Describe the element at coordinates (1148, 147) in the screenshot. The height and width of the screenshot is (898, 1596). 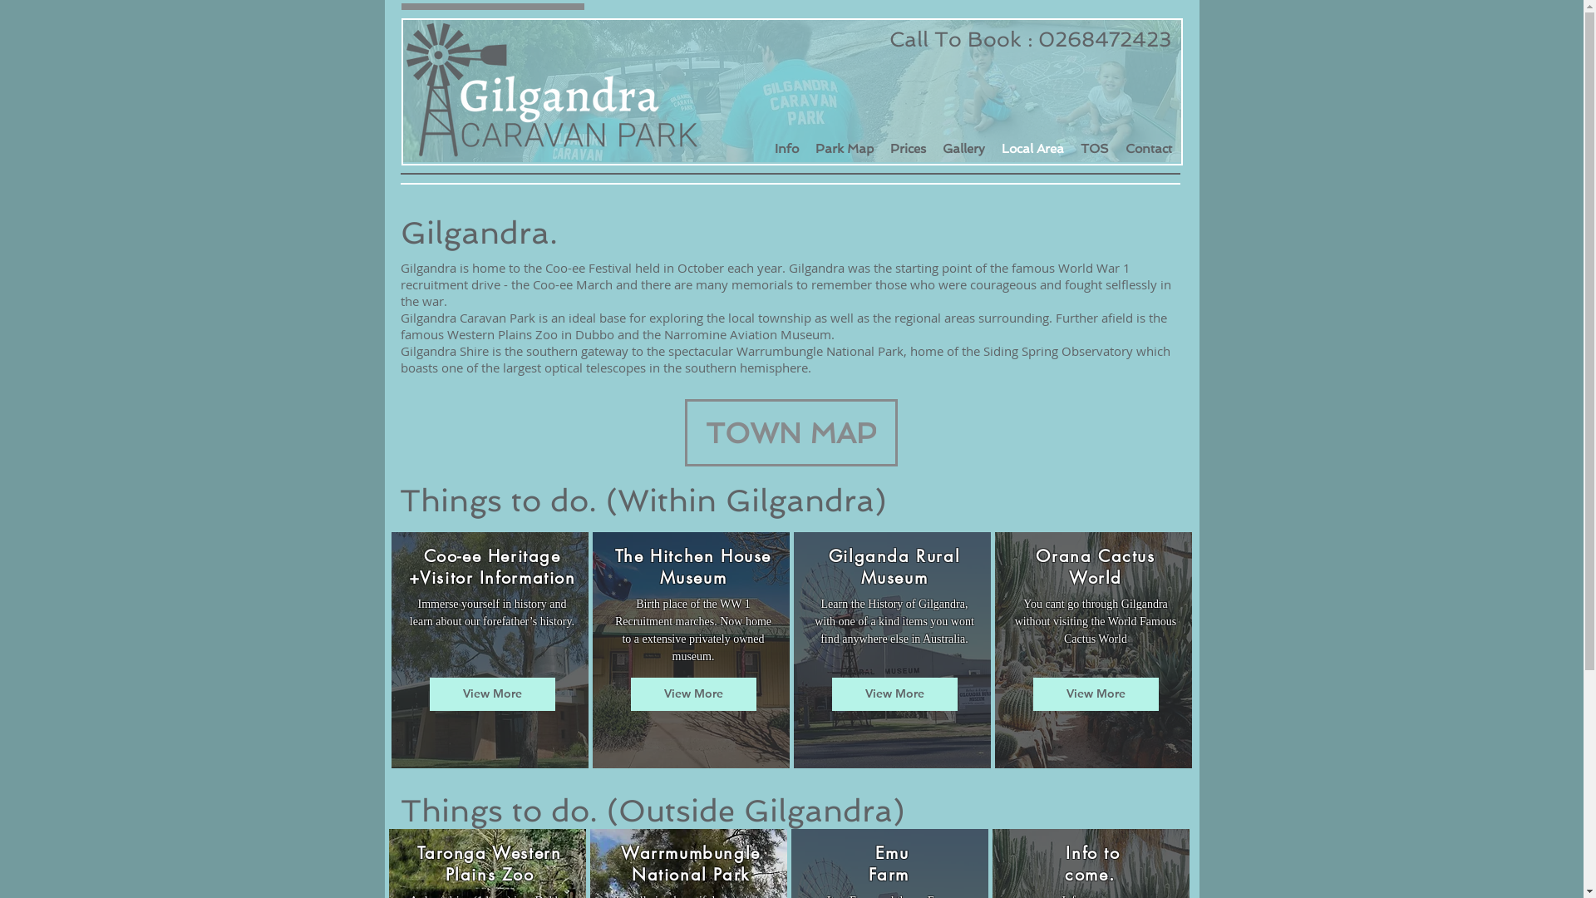
I see `'Contact'` at that location.